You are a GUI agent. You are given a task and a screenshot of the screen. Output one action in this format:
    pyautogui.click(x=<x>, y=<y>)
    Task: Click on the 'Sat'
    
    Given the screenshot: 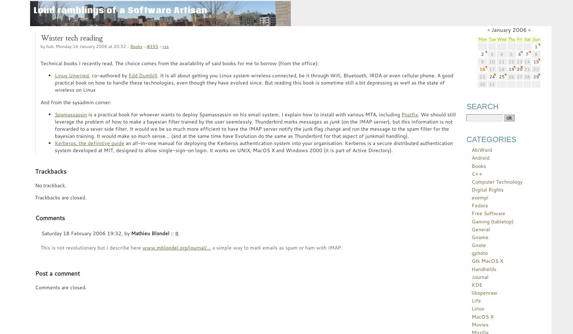 What is the action you would take?
    pyautogui.click(x=527, y=38)
    